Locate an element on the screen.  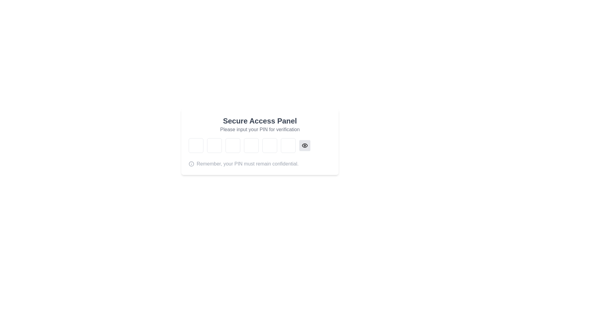
the Password input field, which is the first of six horizontally aligned input fields with a white background and rounded corners to focus on it is located at coordinates (196, 145).